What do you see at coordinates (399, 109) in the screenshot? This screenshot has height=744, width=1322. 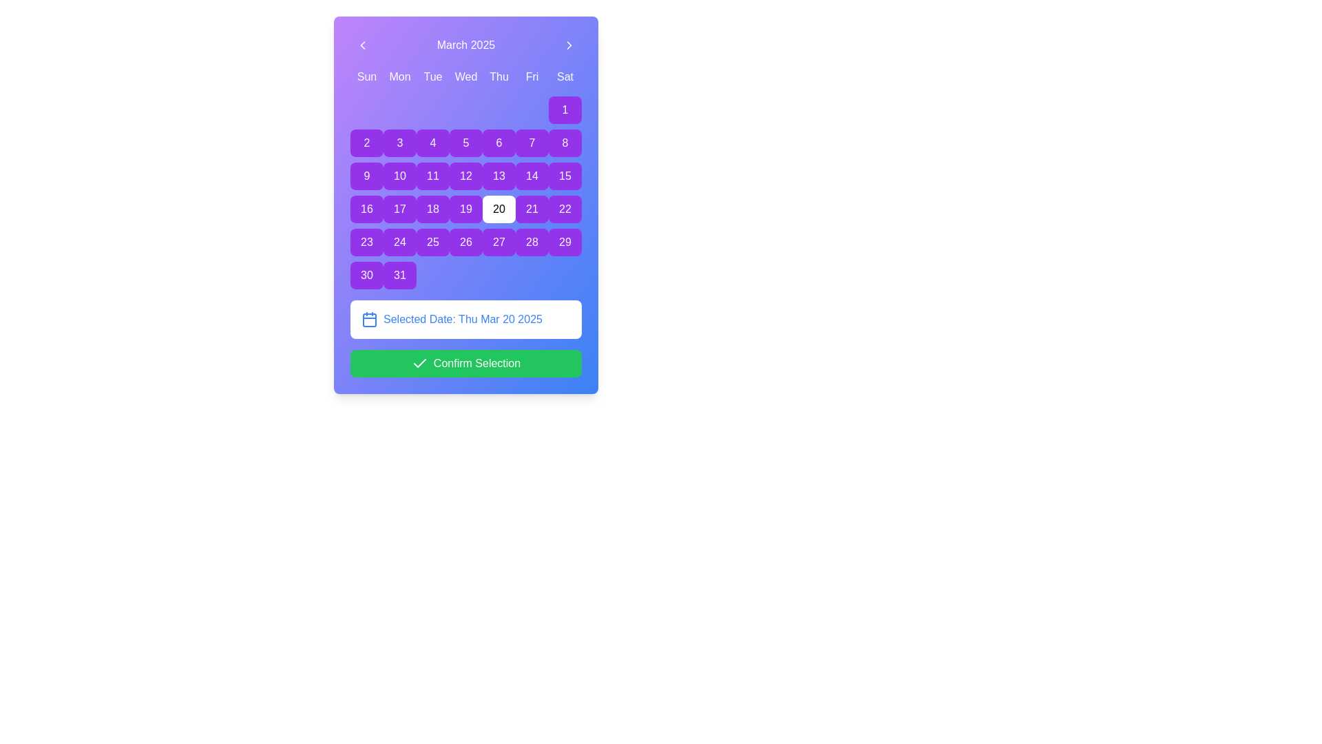 I see `the second unit in the first row of the calendar grid layout, which is a blank space representing a placeholder or empty grid cell` at bounding box center [399, 109].